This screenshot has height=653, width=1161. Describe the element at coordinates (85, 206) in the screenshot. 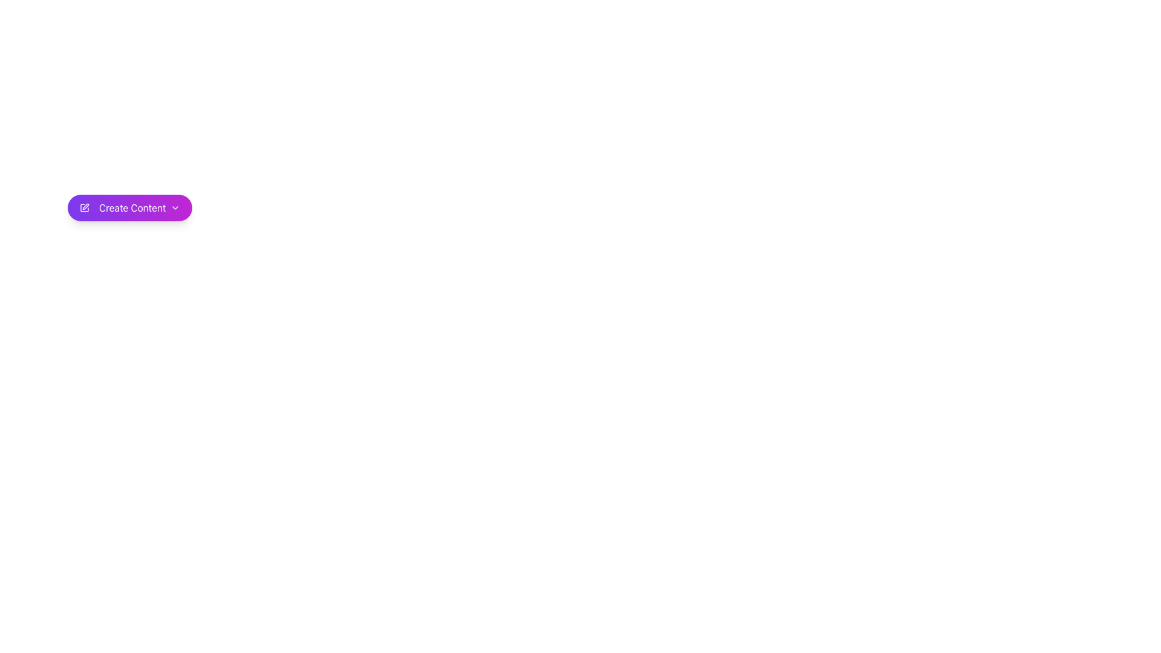

I see `the edit icon, which is a graphic icon representing a square with a pen overlay, located to the left of the 'Create Content' button` at that location.